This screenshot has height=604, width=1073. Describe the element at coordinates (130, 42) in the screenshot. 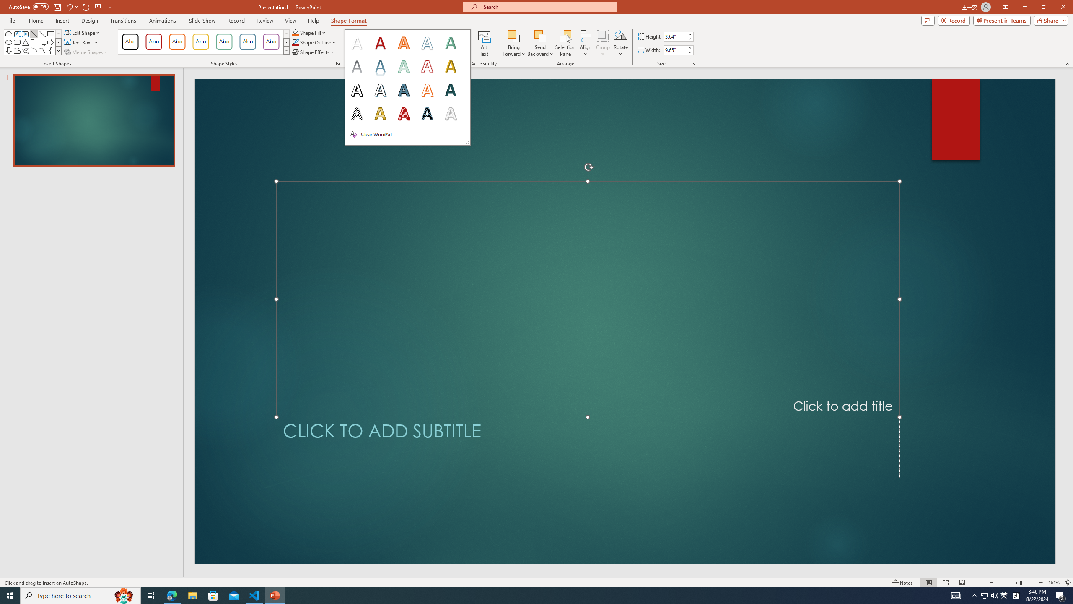

I see `'Colored Outline - Black, Dark 1'` at that location.